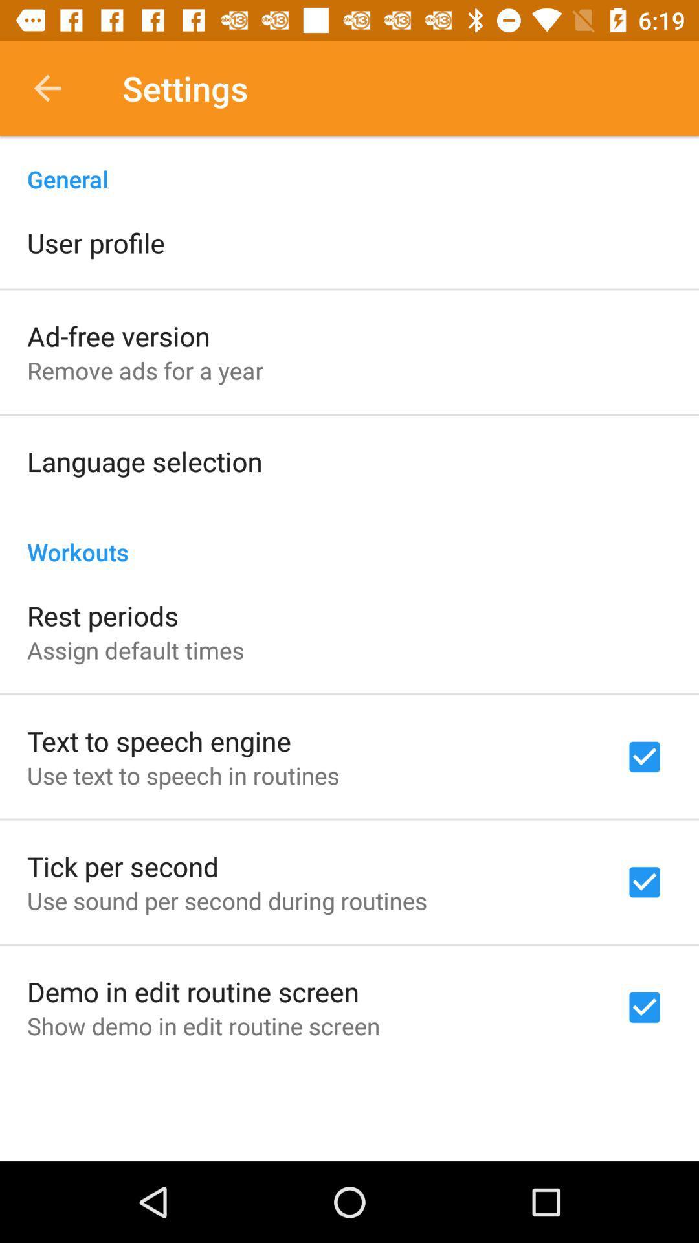 Image resolution: width=699 pixels, height=1243 pixels. What do you see at coordinates (144, 461) in the screenshot?
I see `icon below the remove ads for icon` at bounding box center [144, 461].